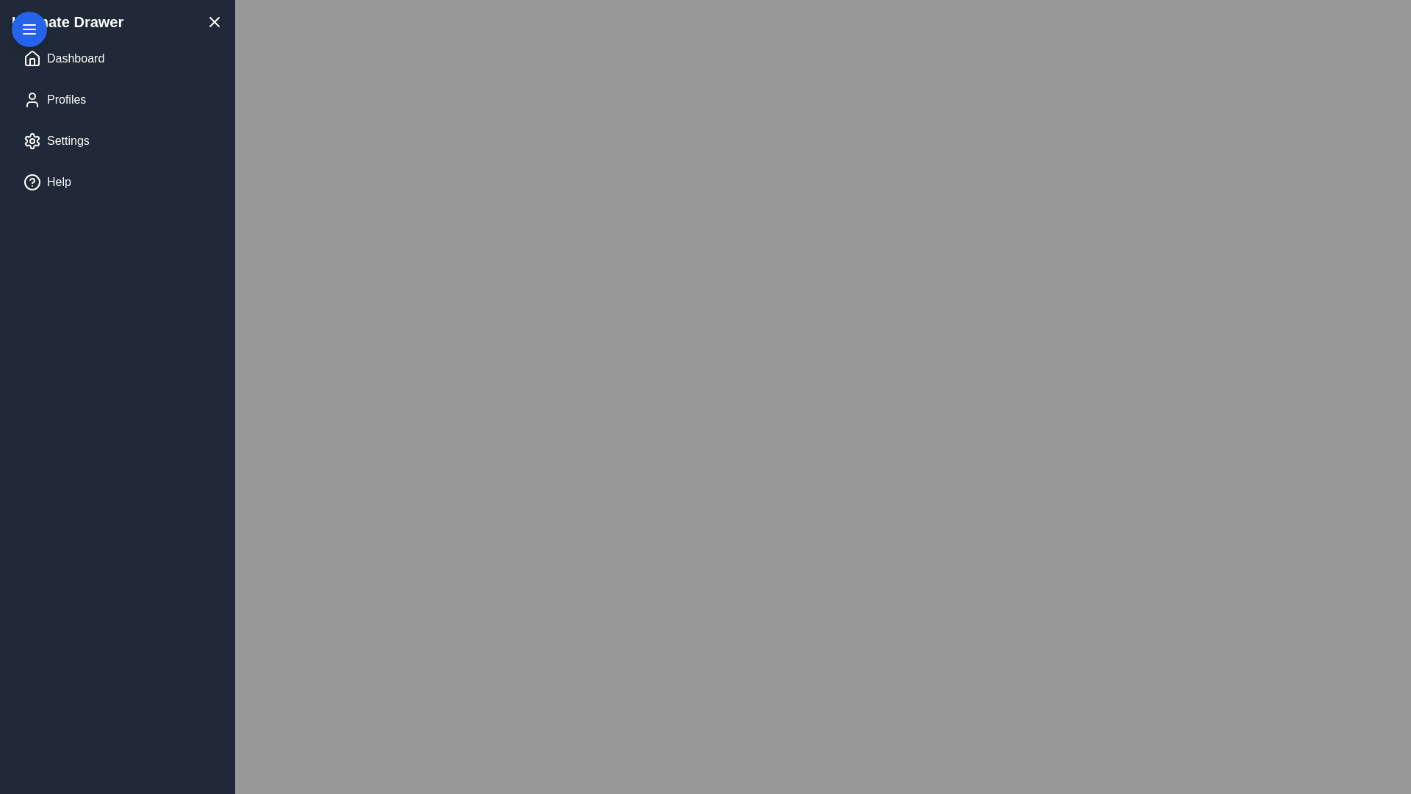 The width and height of the screenshot is (1411, 794). What do you see at coordinates (116, 99) in the screenshot?
I see `the second item in the vertical sidebar navigation menu, which links to the Profiles section of the application` at bounding box center [116, 99].